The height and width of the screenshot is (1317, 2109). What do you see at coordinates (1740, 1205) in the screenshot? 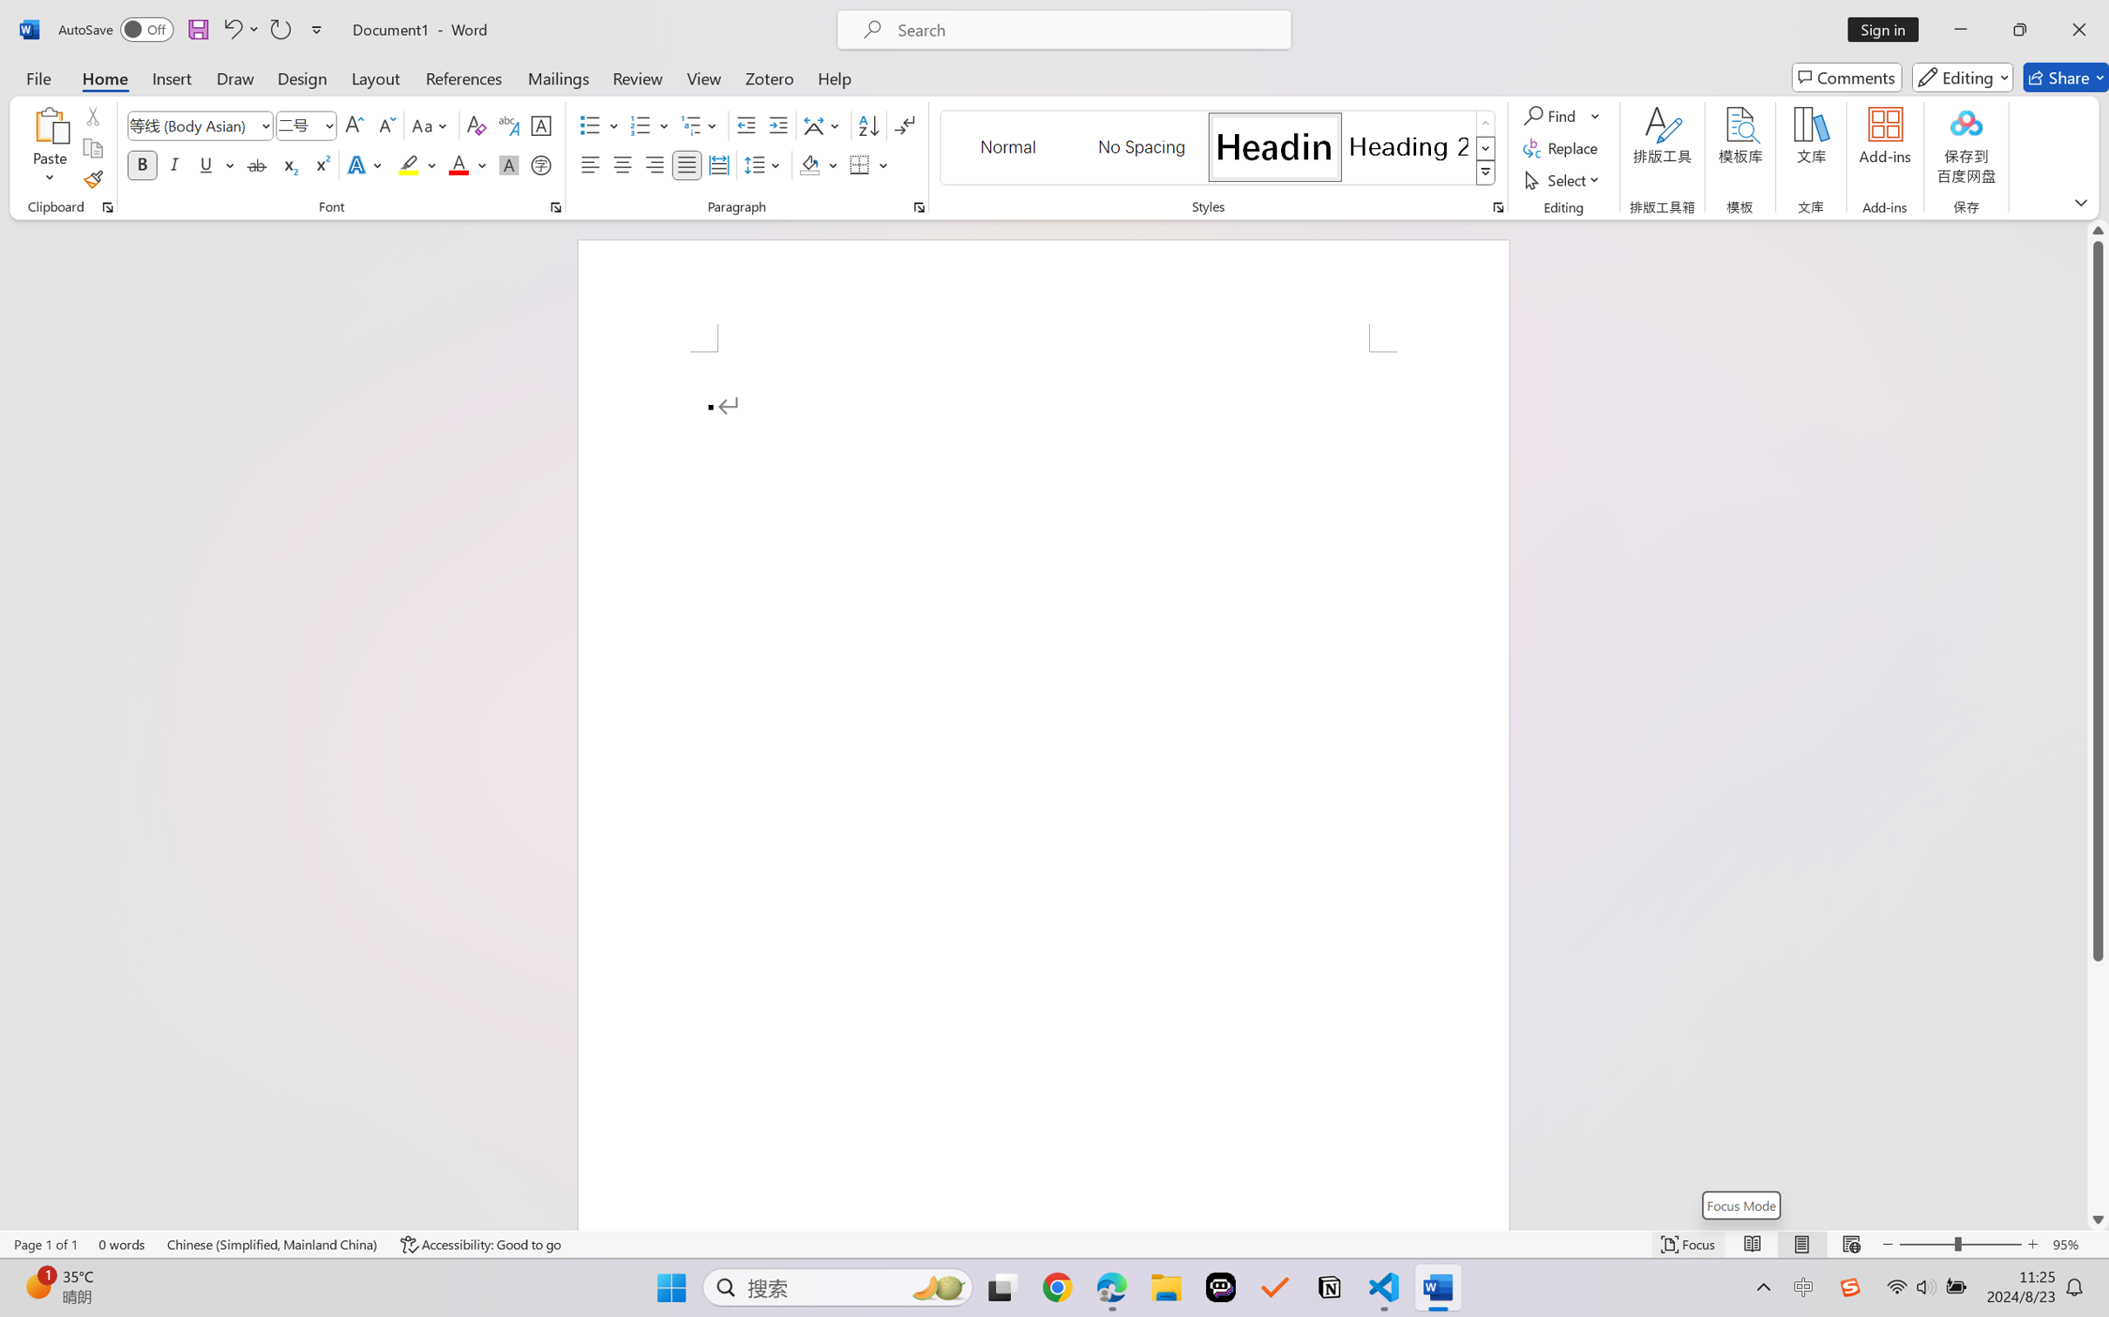
I see `'Focus Mode'` at bounding box center [1740, 1205].